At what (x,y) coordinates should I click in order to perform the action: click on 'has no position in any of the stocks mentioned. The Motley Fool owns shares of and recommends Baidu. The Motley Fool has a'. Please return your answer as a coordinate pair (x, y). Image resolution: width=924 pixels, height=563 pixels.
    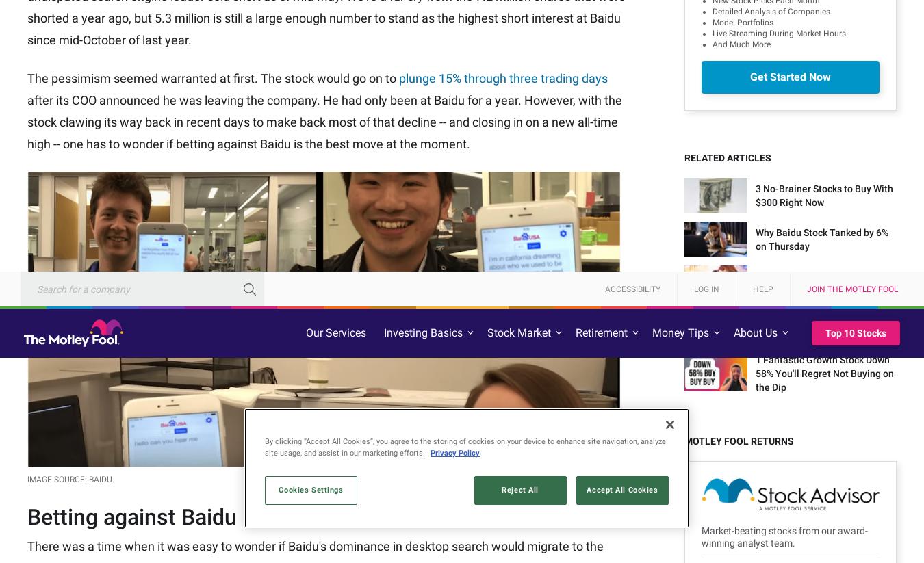
    Looking at the image, I should click on (313, 261).